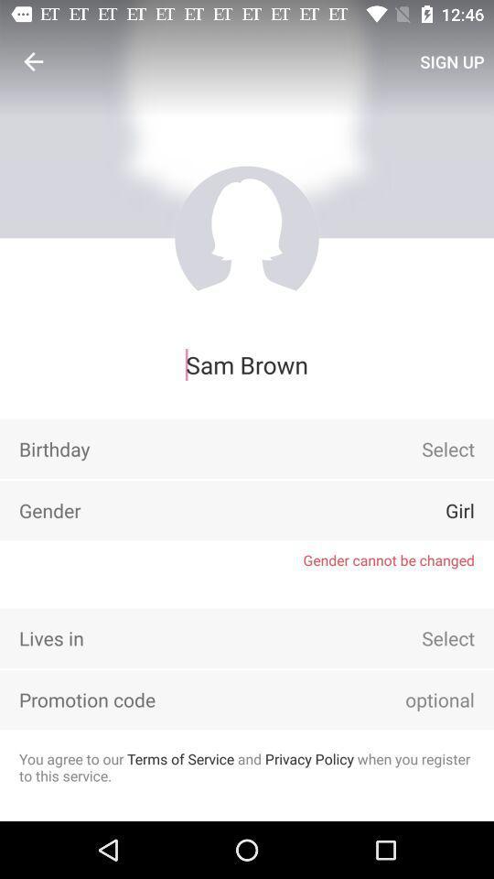 The image size is (494, 879). Describe the element at coordinates (247, 364) in the screenshot. I see `sam brown item` at that location.